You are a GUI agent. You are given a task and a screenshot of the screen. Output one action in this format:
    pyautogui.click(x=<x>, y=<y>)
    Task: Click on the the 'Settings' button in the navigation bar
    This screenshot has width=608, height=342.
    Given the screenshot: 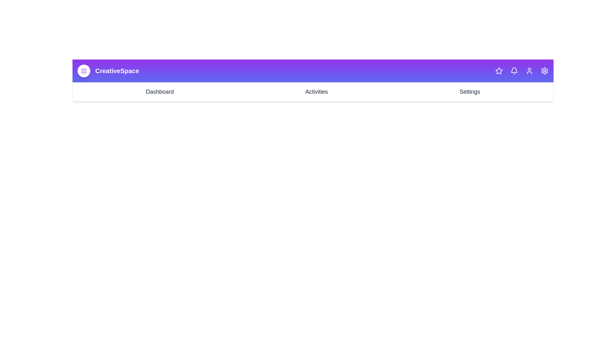 What is the action you would take?
    pyautogui.click(x=470, y=92)
    